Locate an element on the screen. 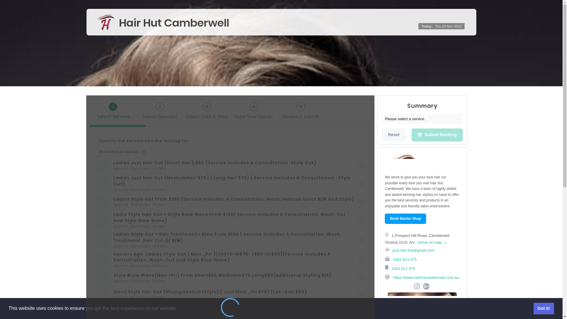  'your.hair.hut@gmail.com' is located at coordinates (413, 250).